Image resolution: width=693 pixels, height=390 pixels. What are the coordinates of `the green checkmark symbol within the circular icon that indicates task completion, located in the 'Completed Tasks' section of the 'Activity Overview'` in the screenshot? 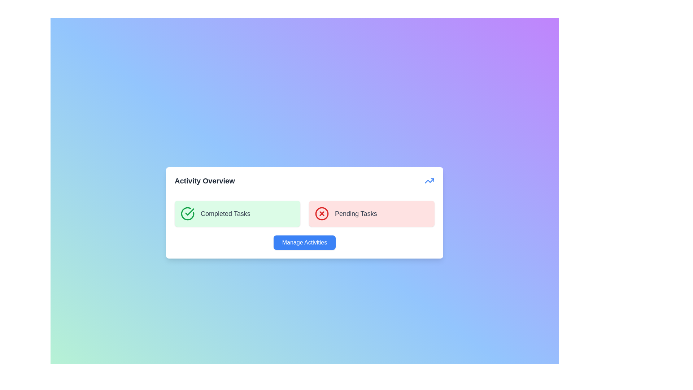 It's located at (189, 211).